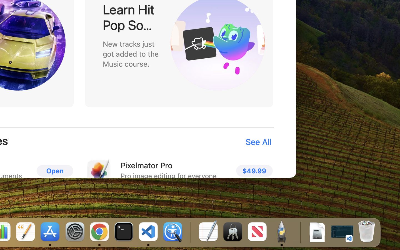  What do you see at coordinates (190, 232) in the screenshot?
I see `'0.4285714328289032'` at bounding box center [190, 232].